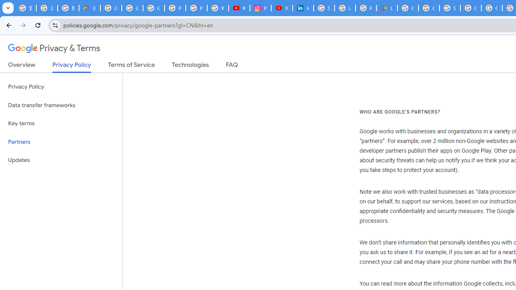 This screenshot has width=516, height=290. I want to click on 'Key terms', so click(61, 123).